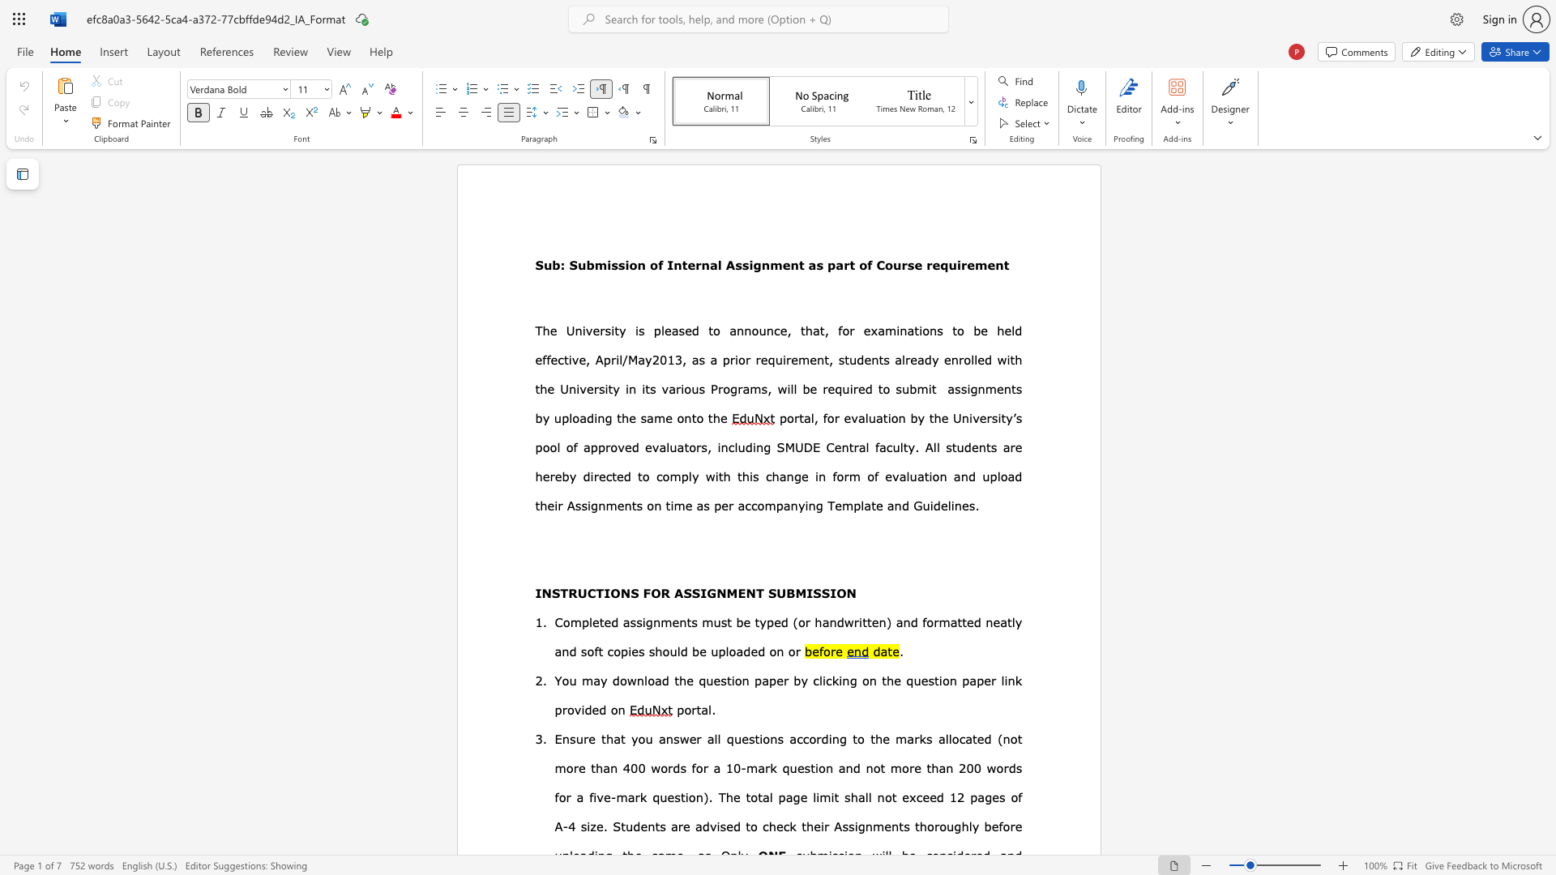  I want to click on the subset text "tion pa" within the text "You may download the question paper by clicking on the question paper link provided on", so click(934, 681).